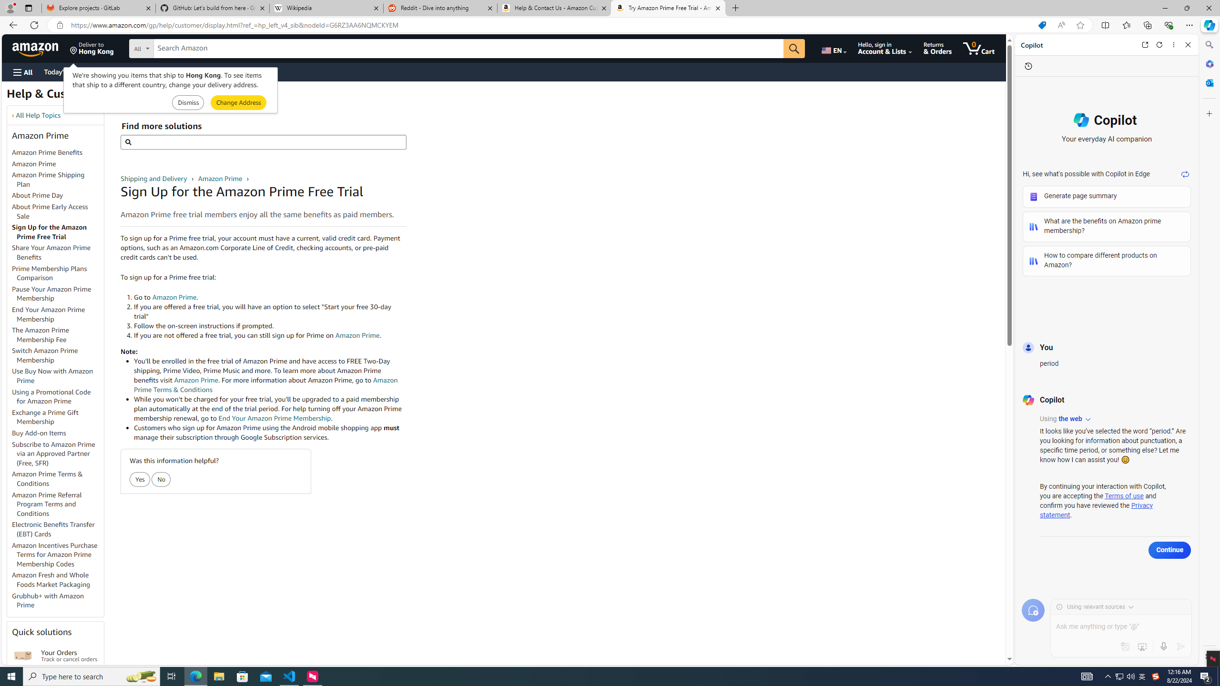  What do you see at coordinates (51, 252) in the screenshot?
I see `'Share Your Amazon Prime Benefits'` at bounding box center [51, 252].